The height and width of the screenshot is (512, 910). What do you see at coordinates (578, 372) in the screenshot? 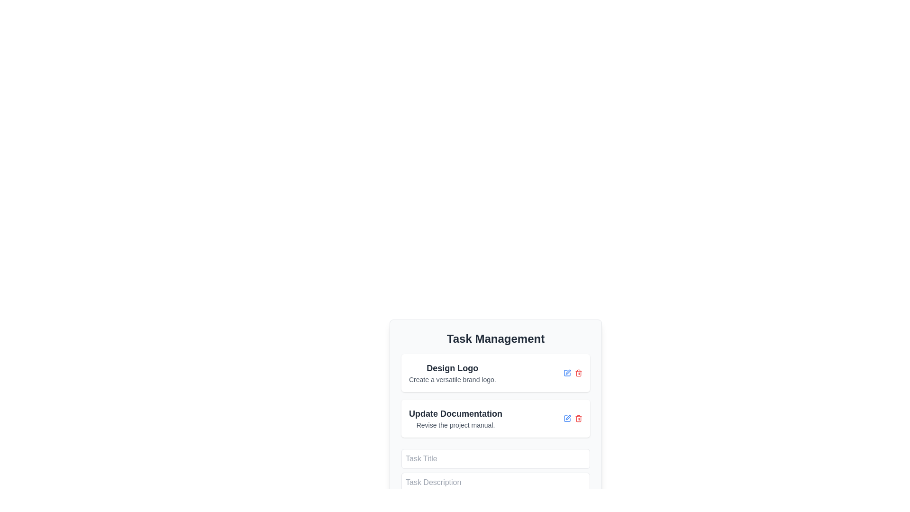
I see `the small red trash bin icon located on the right side of the 'Update Documentation' task entry` at bounding box center [578, 372].